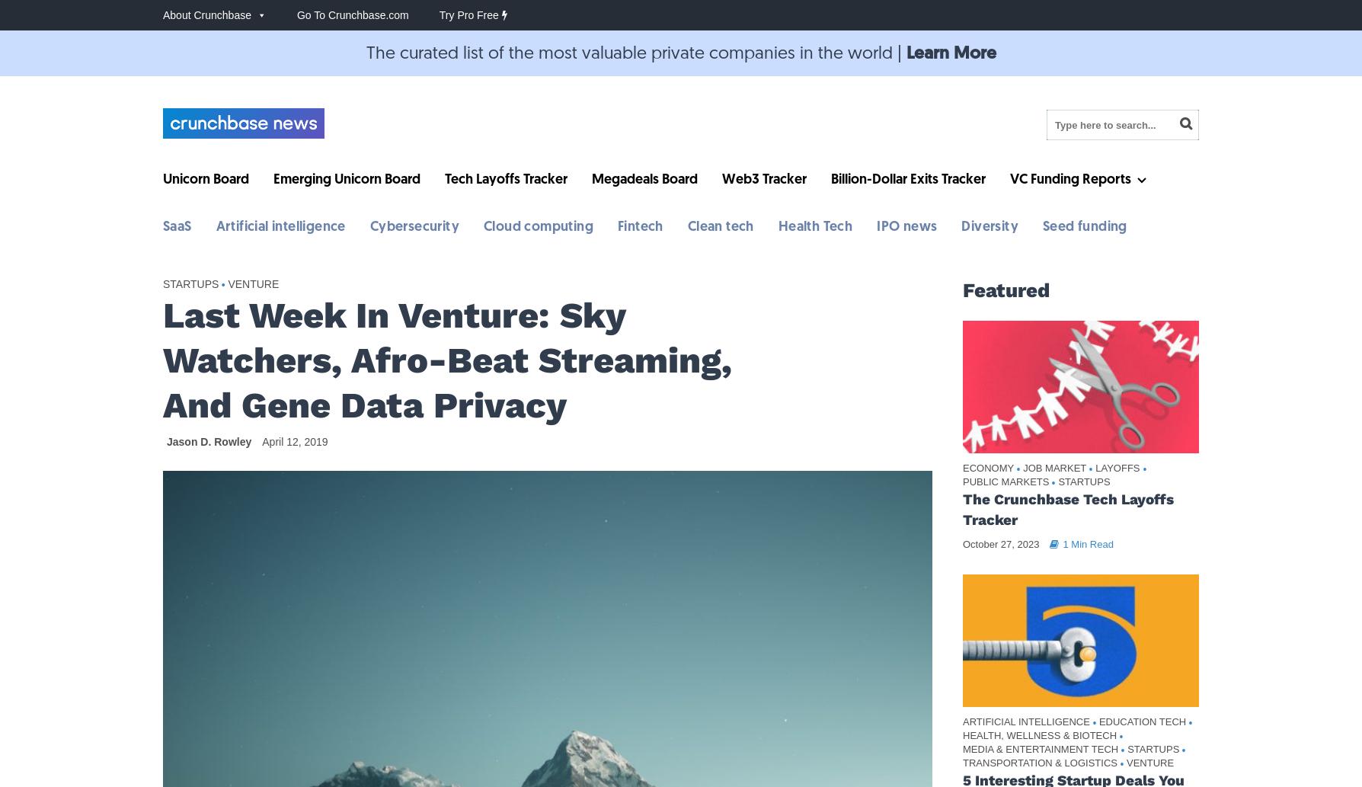 This screenshot has height=787, width=1362. Describe the element at coordinates (414, 226) in the screenshot. I see `'Cybersecurity'` at that location.